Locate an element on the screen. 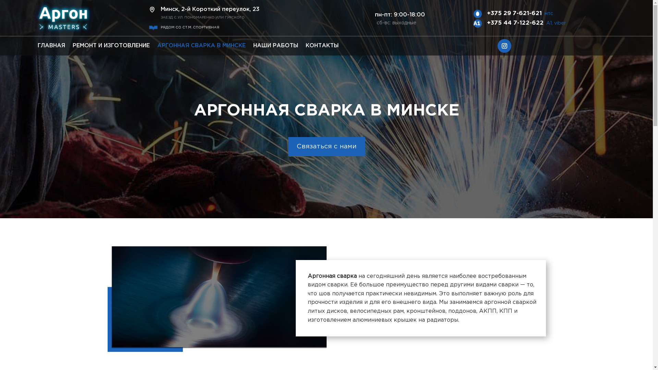  '+375 44 7-122-622' is located at coordinates (515, 23).